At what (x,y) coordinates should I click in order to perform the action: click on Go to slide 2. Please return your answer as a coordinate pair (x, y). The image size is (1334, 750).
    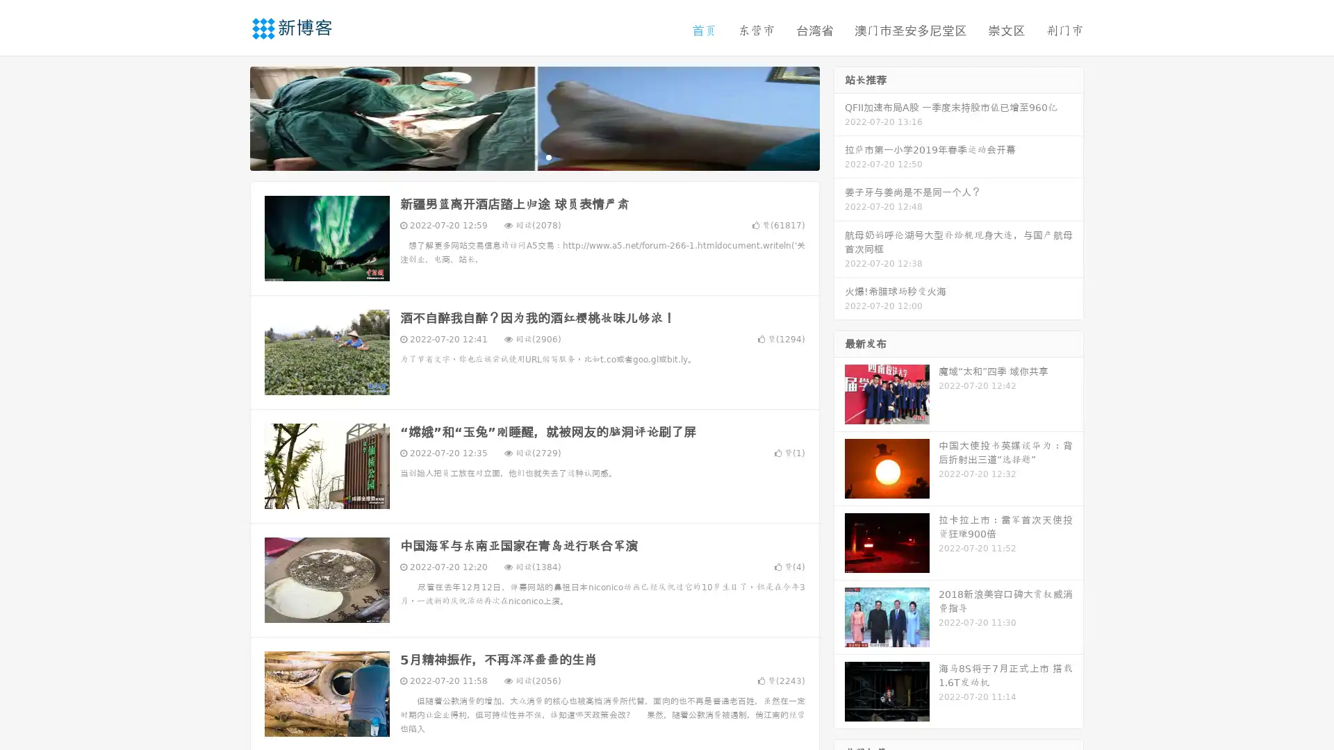
    Looking at the image, I should click on (534, 156).